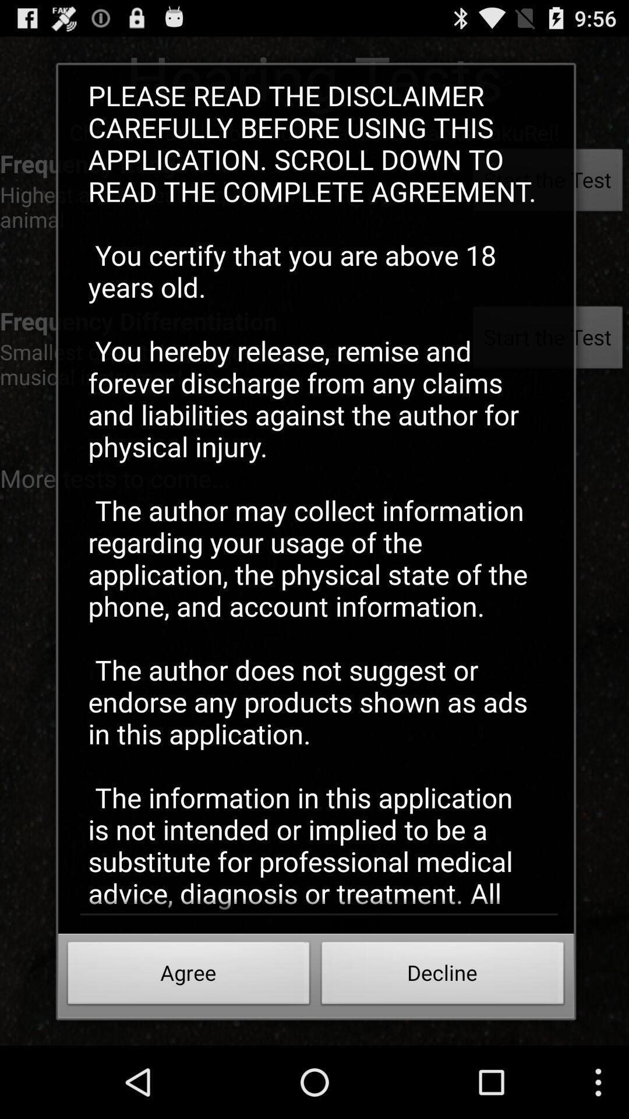 This screenshot has width=629, height=1119. Describe the element at coordinates (188, 976) in the screenshot. I see `agree button` at that location.